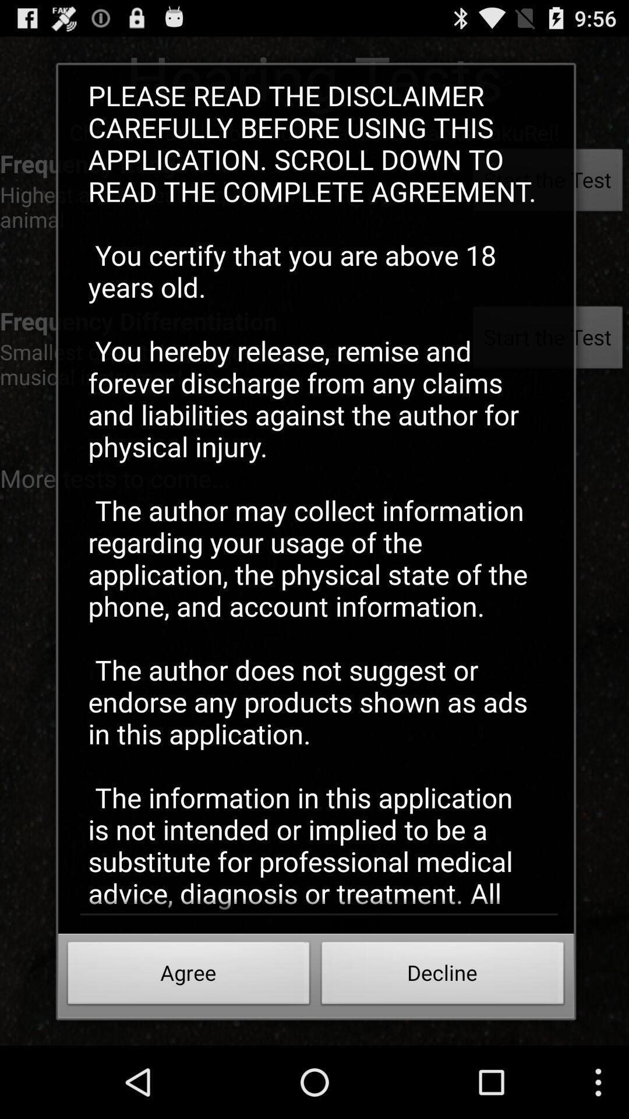 This screenshot has width=629, height=1119. Describe the element at coordinates (188, 976) in the screenshot. I see `agree button` at that location.